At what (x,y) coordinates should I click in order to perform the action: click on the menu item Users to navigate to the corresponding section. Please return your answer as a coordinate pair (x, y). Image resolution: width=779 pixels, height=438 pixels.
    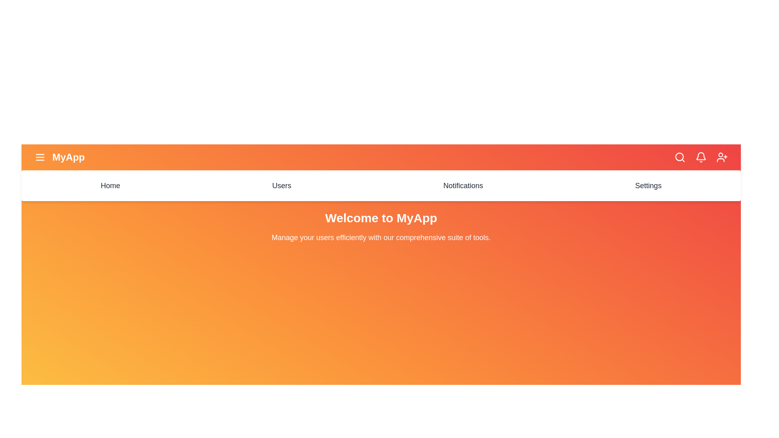
    Looking at the image, I should click on (282, 186).